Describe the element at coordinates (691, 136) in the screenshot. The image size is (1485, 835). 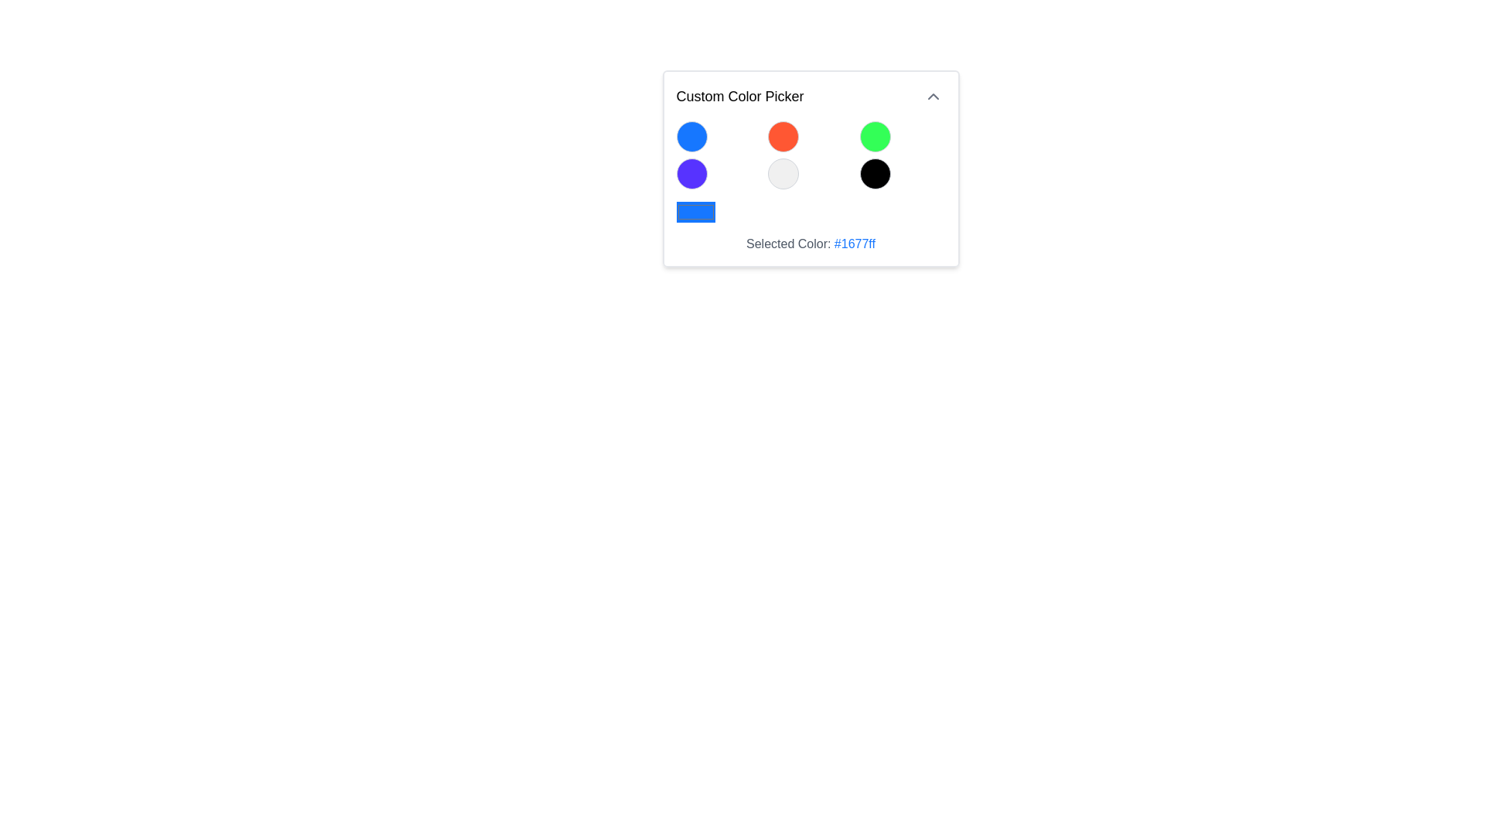
I see `the first circular button with a blue background and gray border in the color picker modal` at that location.